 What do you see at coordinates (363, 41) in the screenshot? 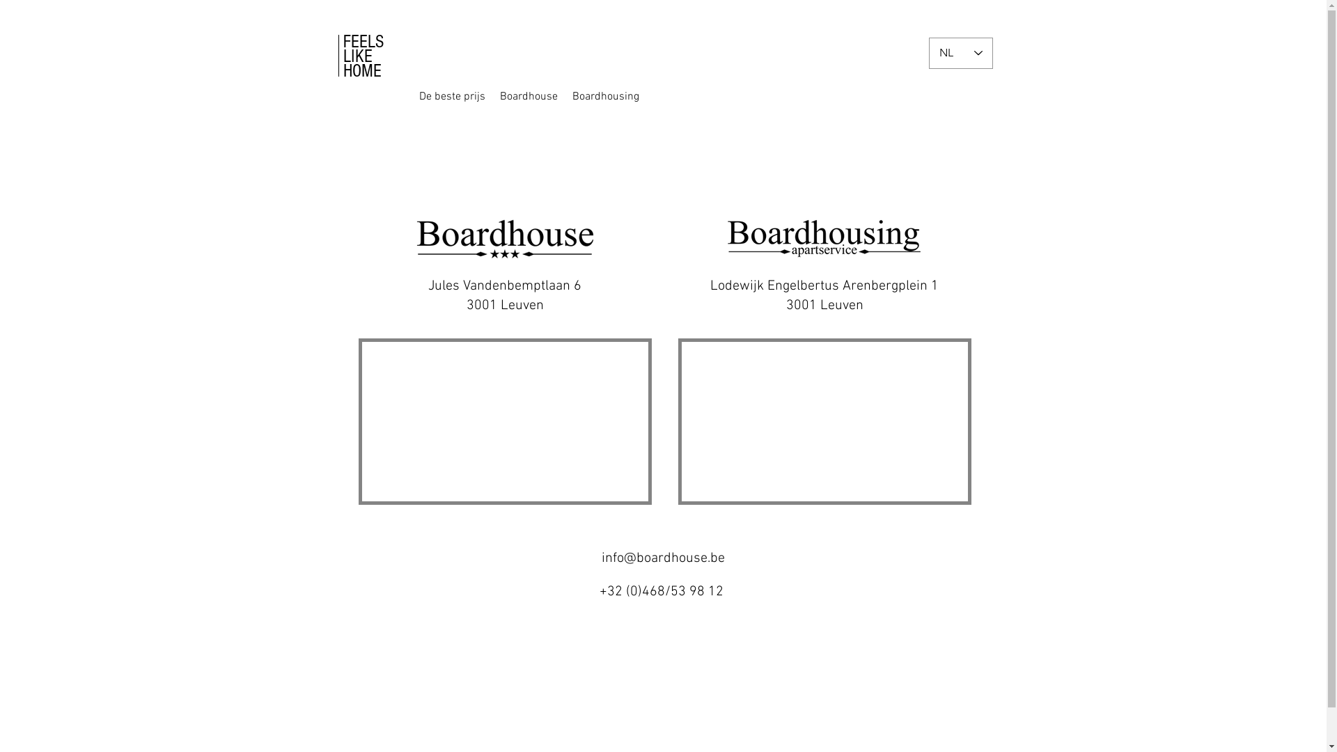
I see `'FEELS'` at bounding box center [363, 41].